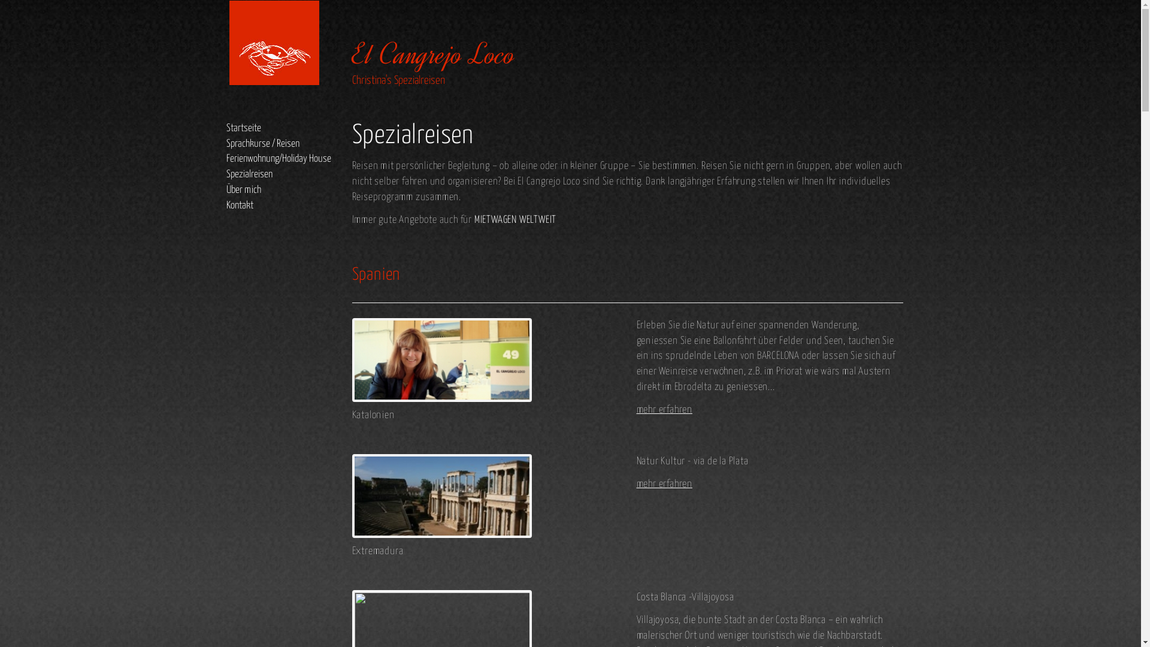  Describe the element at coordinates (243, 128) in the screenshot. I see `'Startseite'` at that location.